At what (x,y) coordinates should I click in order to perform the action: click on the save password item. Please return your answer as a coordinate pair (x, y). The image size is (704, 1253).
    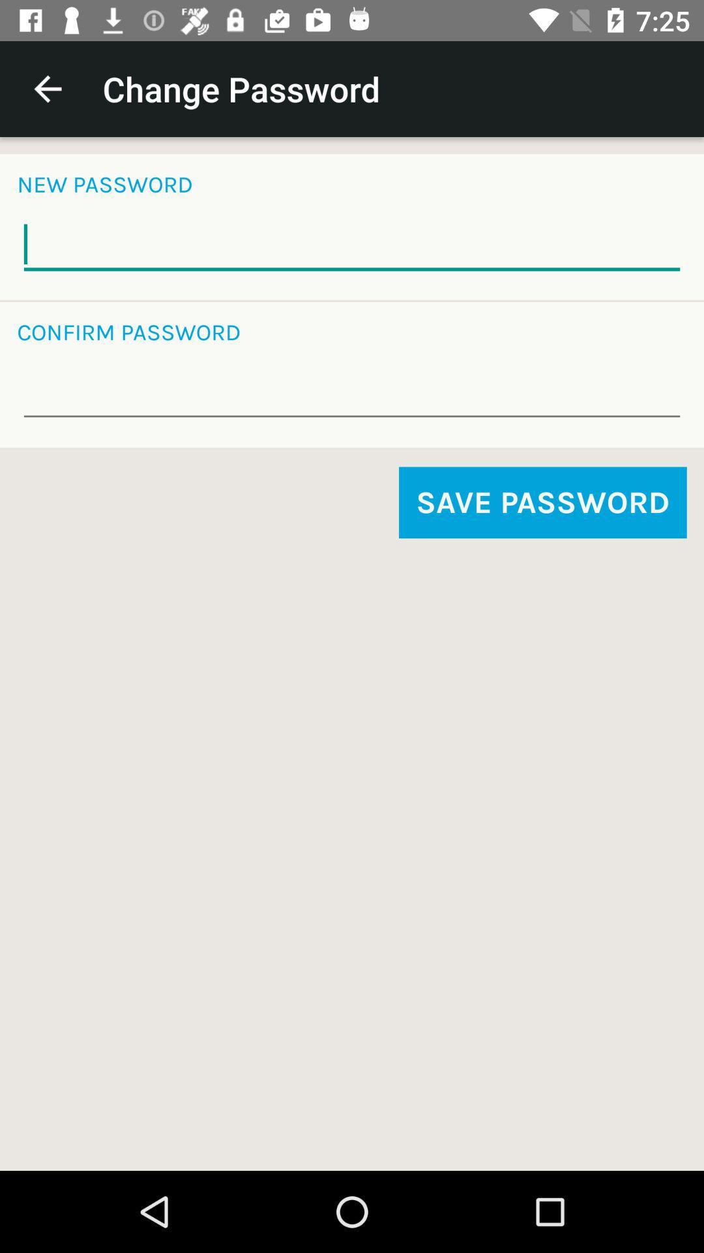
    Looking at the image, I should click on (542, 502).